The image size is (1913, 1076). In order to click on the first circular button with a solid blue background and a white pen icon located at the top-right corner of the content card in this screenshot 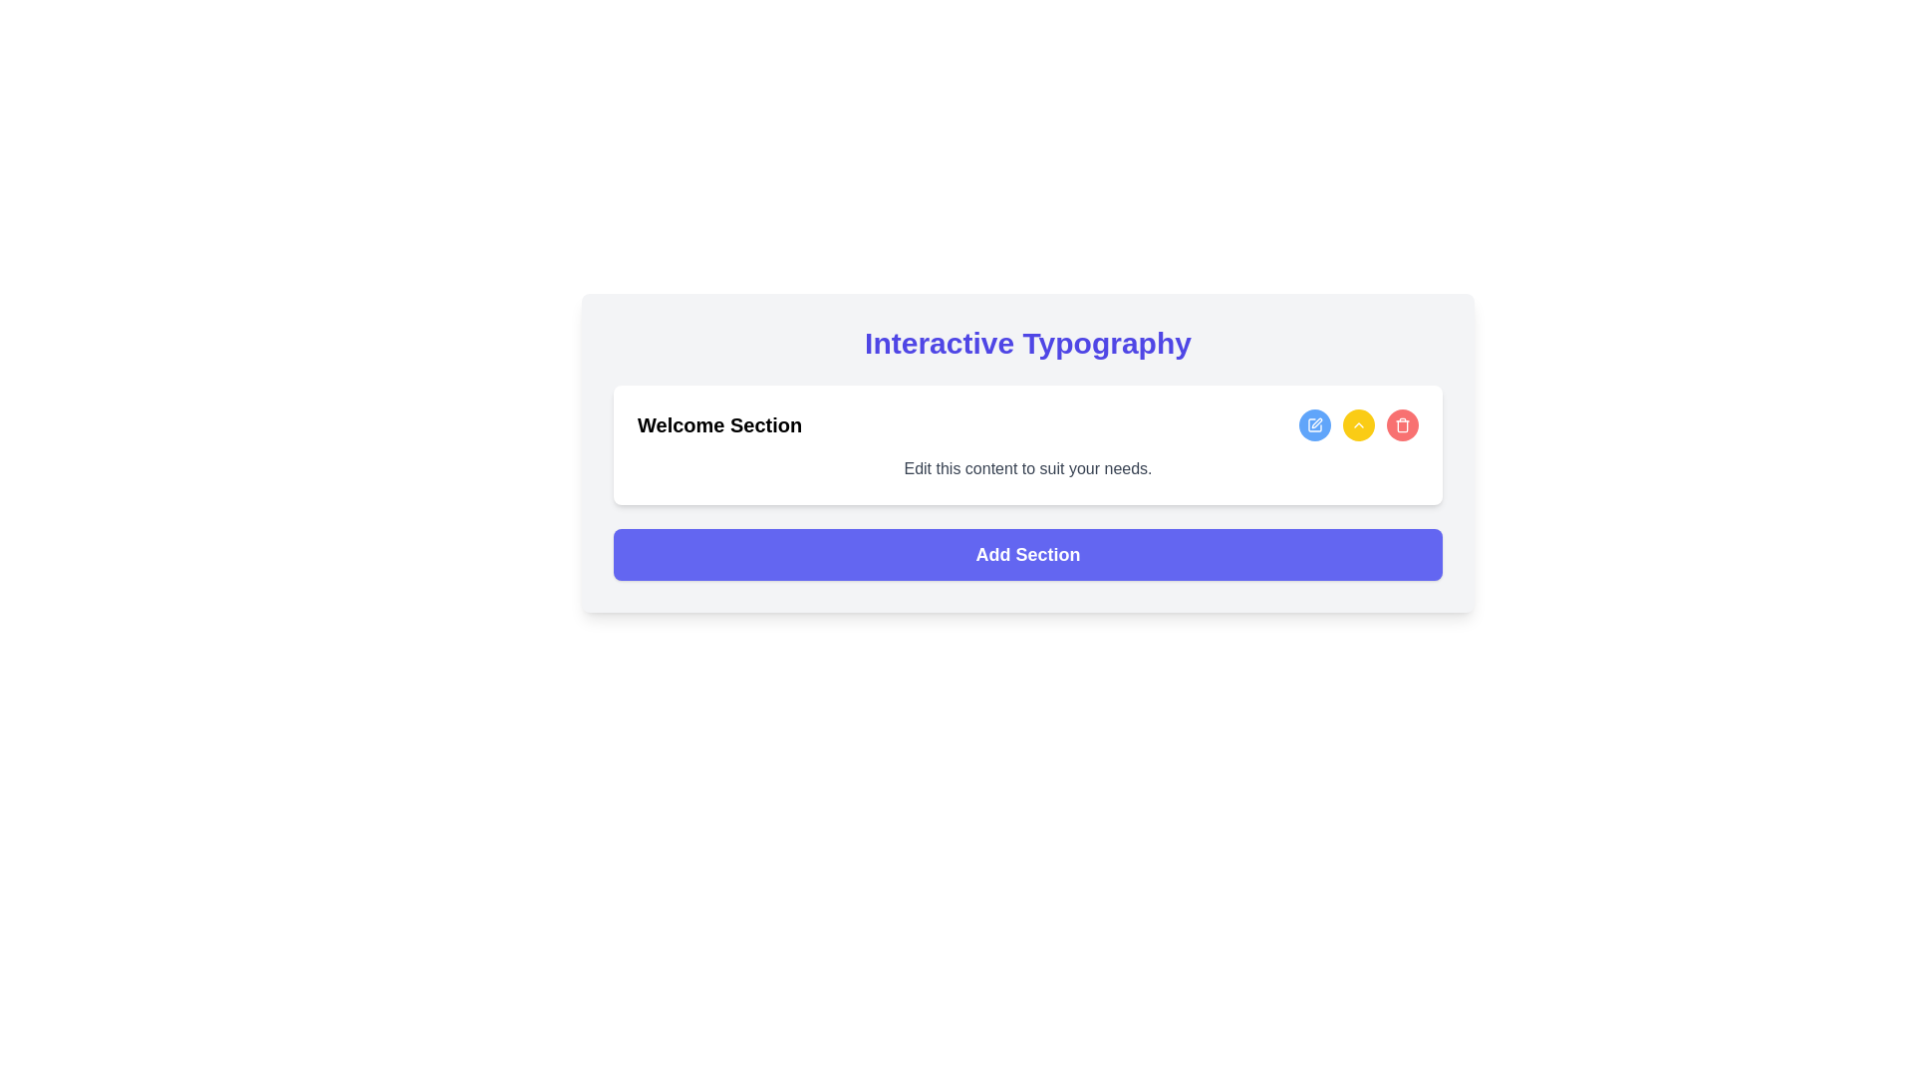, I will do `click(1315, 424)`.